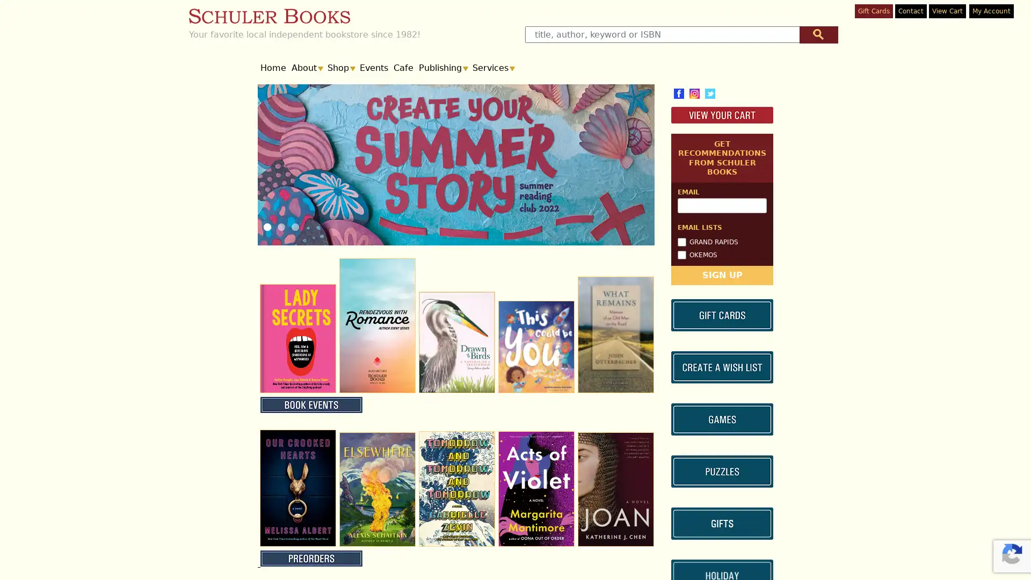 The image size is (1031, 580). Describe the element at coordinates (817, 34) in the screenshot. I see `Search` at that location.